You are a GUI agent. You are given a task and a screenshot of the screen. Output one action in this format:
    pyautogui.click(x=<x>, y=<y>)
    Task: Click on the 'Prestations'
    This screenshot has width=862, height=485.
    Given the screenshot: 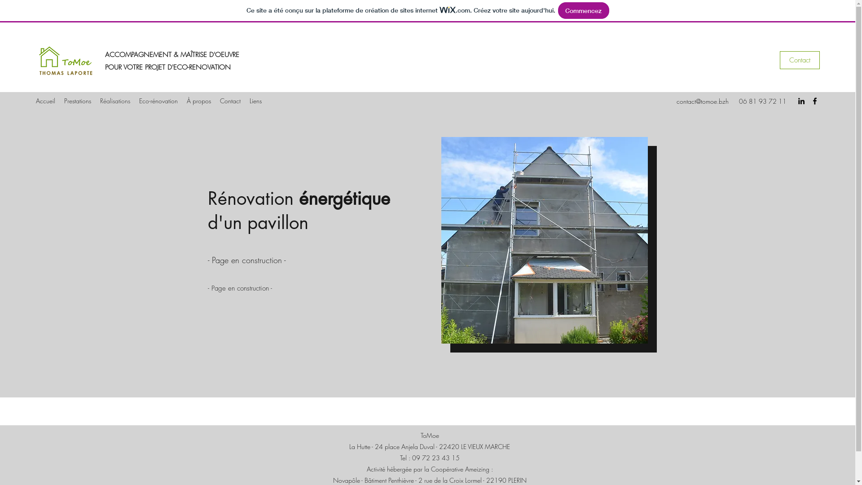 What is the action you would take?
    pyautogui.click(x=77, y=101)
    